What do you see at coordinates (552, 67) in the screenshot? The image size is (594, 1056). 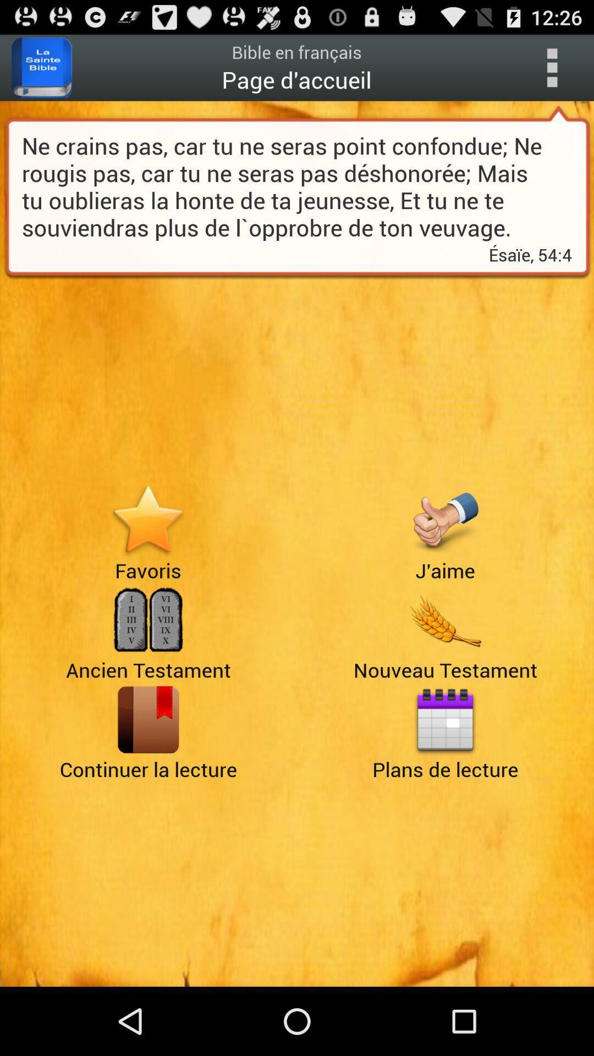 I see `expand settings` at bounding box center [552, 67].